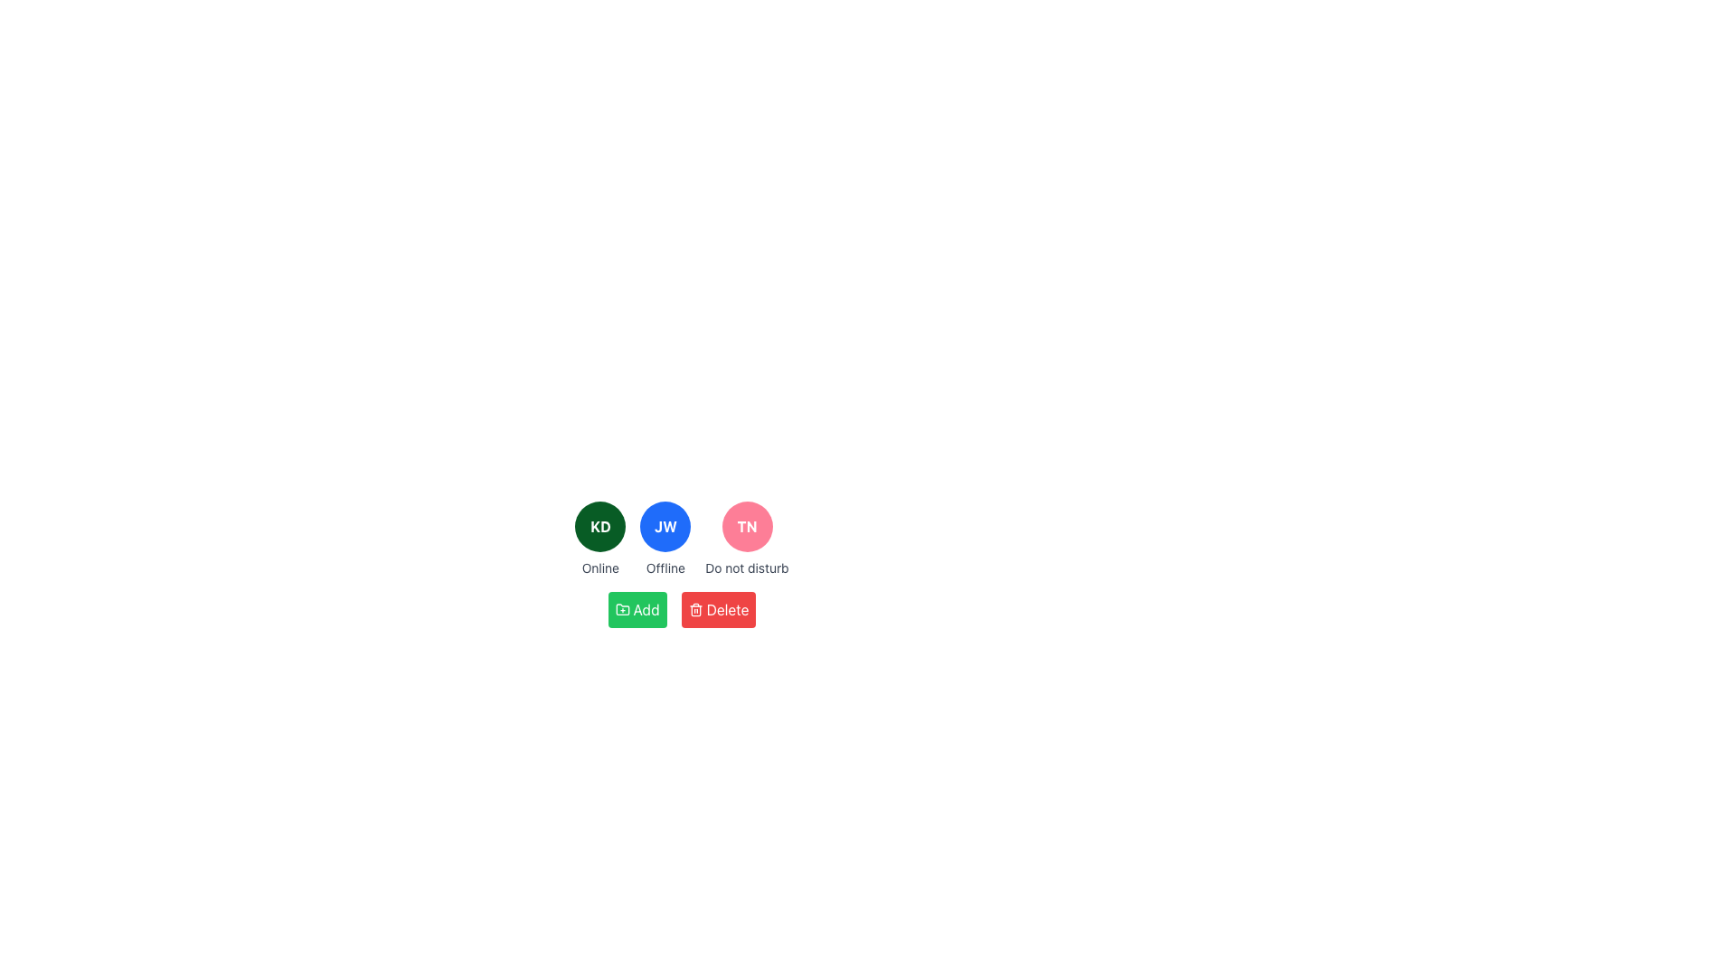 The width and height of the screenshot is (1736, 976). Describe the element at coordinates (728, 610) in the screenshot. I see `text label within the red 'Delete' button located at the bottom of the interface, positioned to the right of the green 'Add' button` at that location.